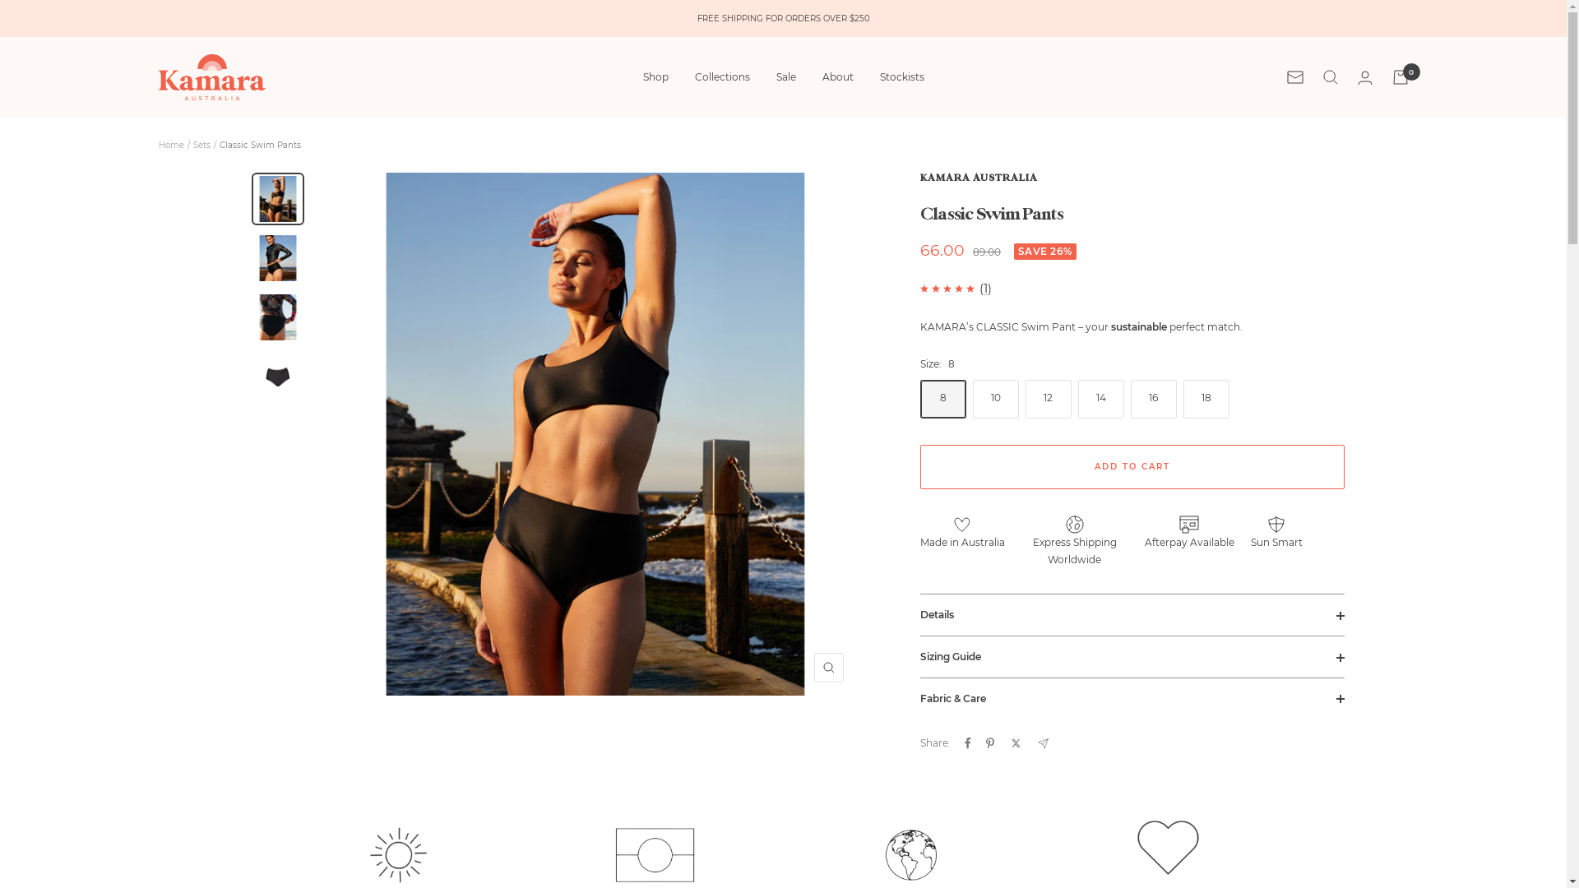 This screenshot has height=888, width=1579. What do you see at coordinates (983, 288) in the screenshot?
I see `'1` at bounding box center [983, 288].